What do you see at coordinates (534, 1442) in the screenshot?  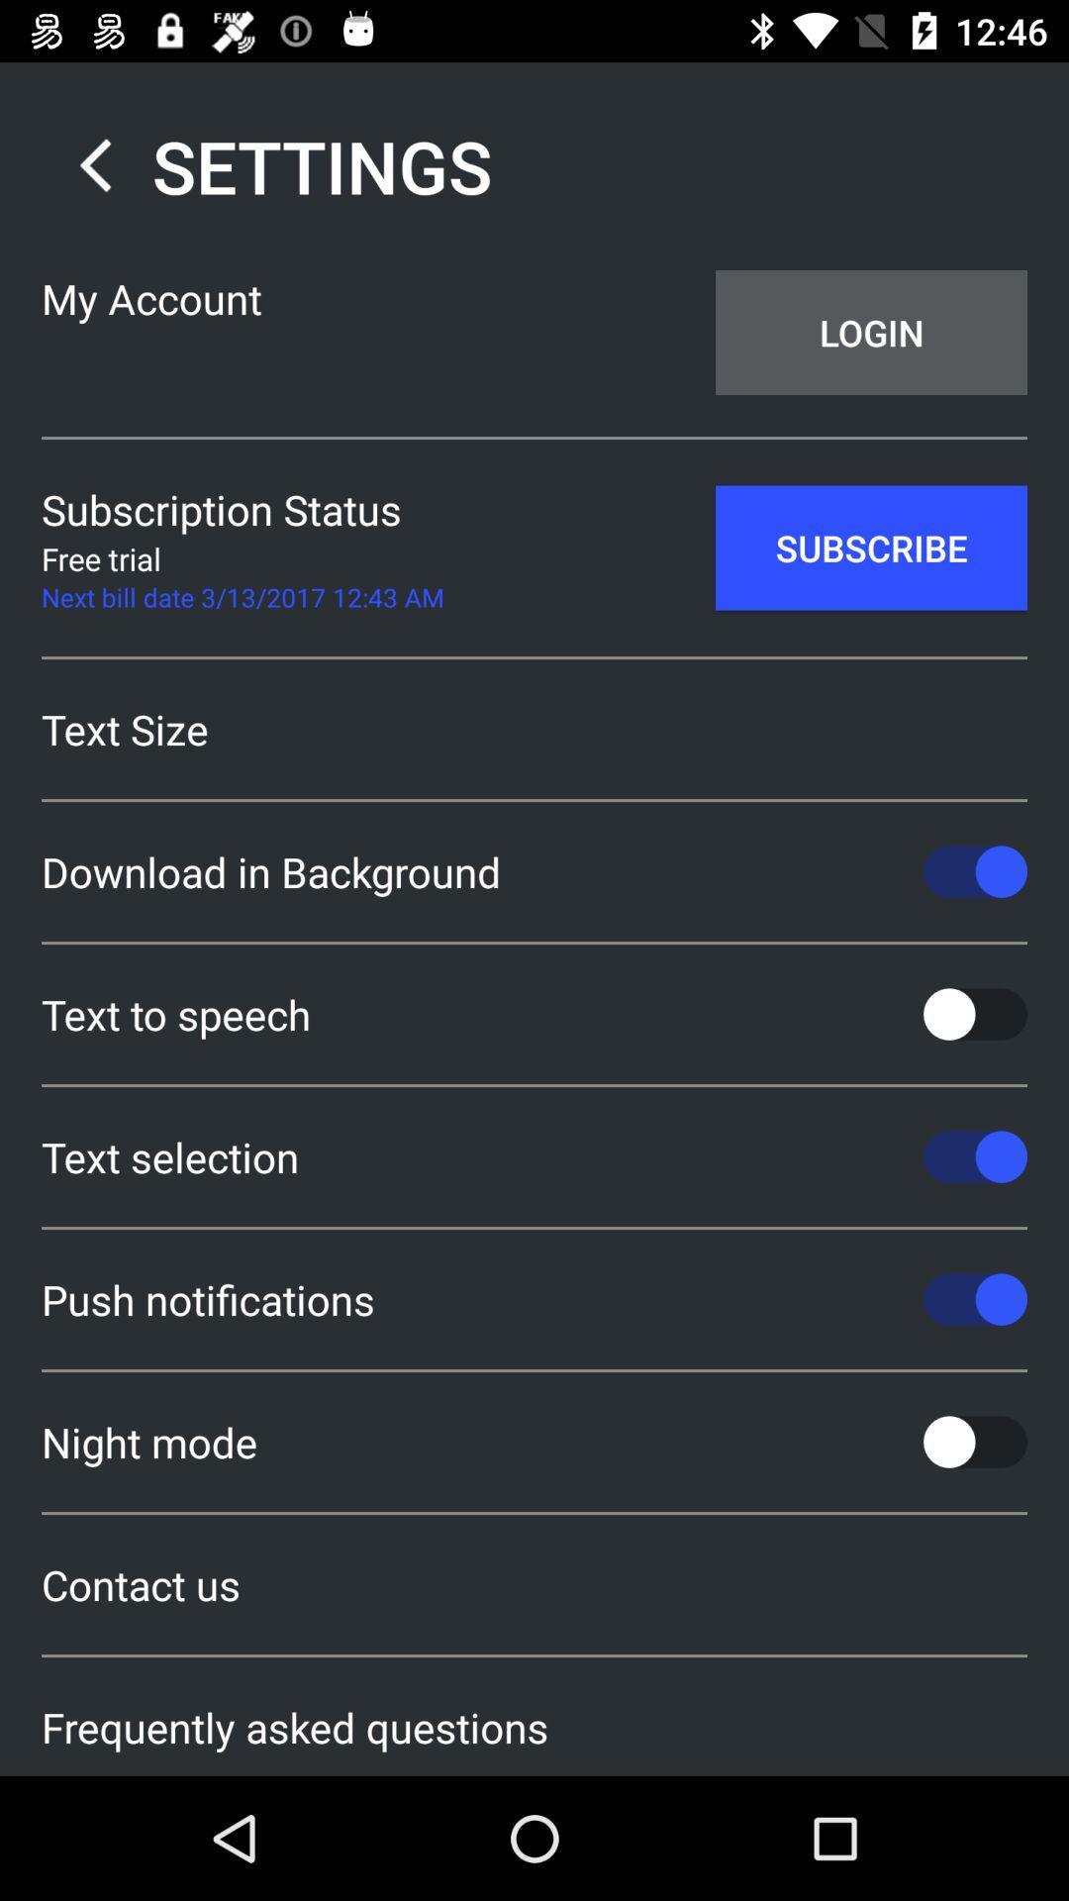 I see `the night mode` at bounding box center [534, 1442].